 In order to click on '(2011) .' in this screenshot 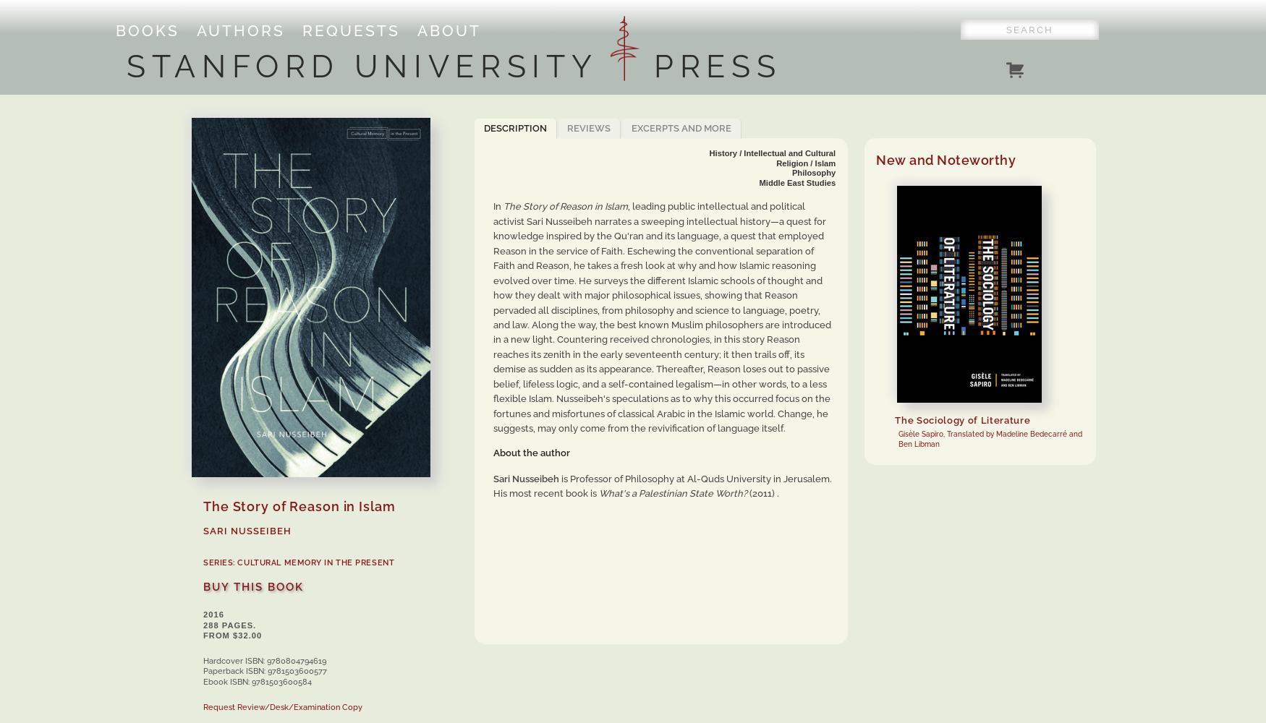, I will do `click(762, 493)`.